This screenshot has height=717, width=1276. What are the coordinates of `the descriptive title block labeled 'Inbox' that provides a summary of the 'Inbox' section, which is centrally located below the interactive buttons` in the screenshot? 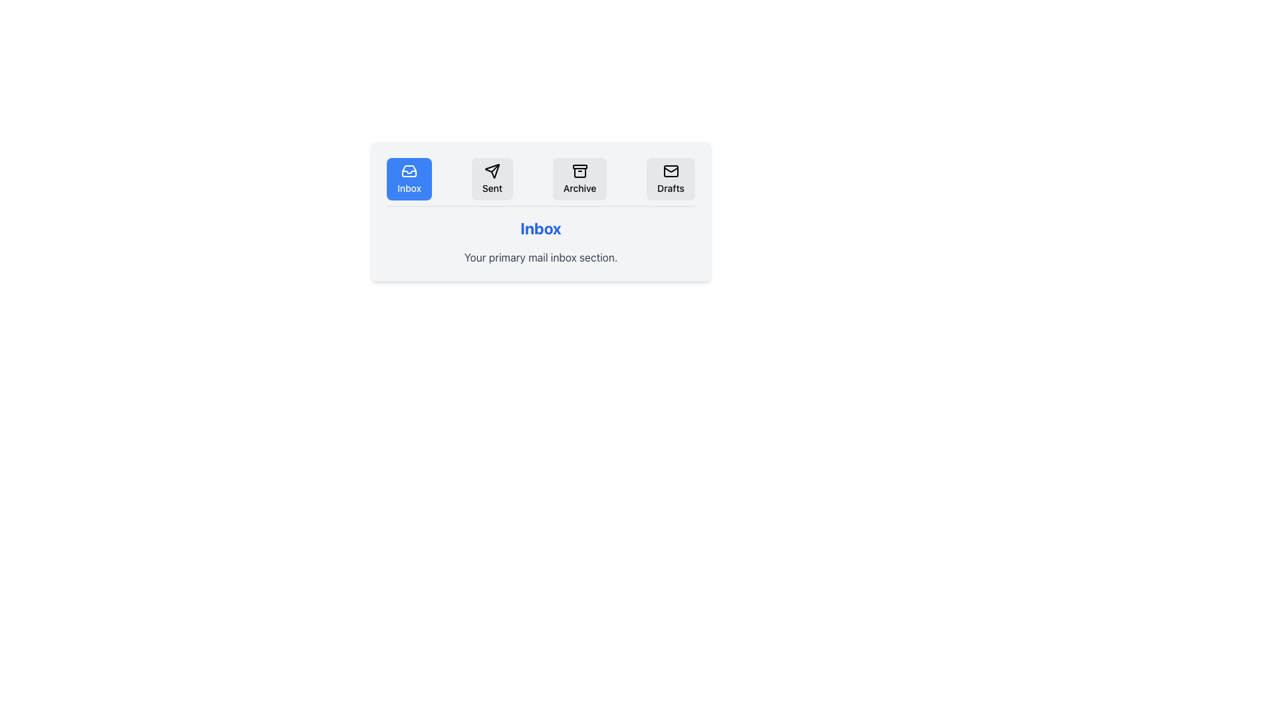 It's located at (541, 241).